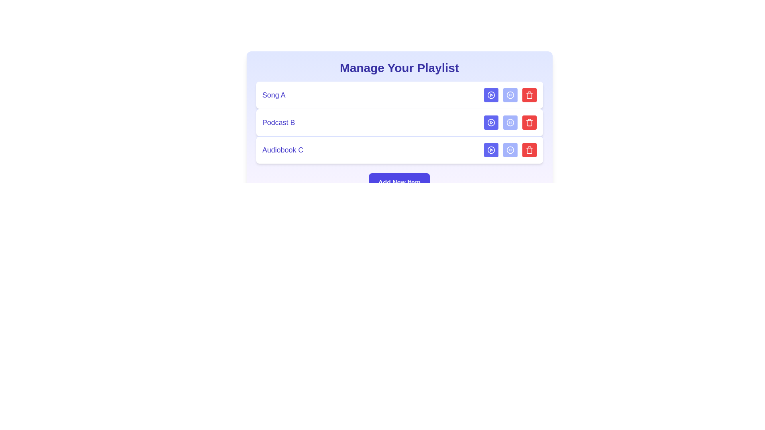 The height and width of the screenshot is (430, 765). What do you see at coordinates (399, 150) in the screenshot?
I see `the media item named Audiobook C` at bounding box center [399, 150].